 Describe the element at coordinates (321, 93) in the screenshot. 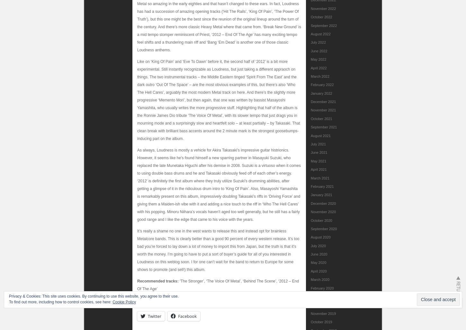

I see `'January 2022'` at that location.